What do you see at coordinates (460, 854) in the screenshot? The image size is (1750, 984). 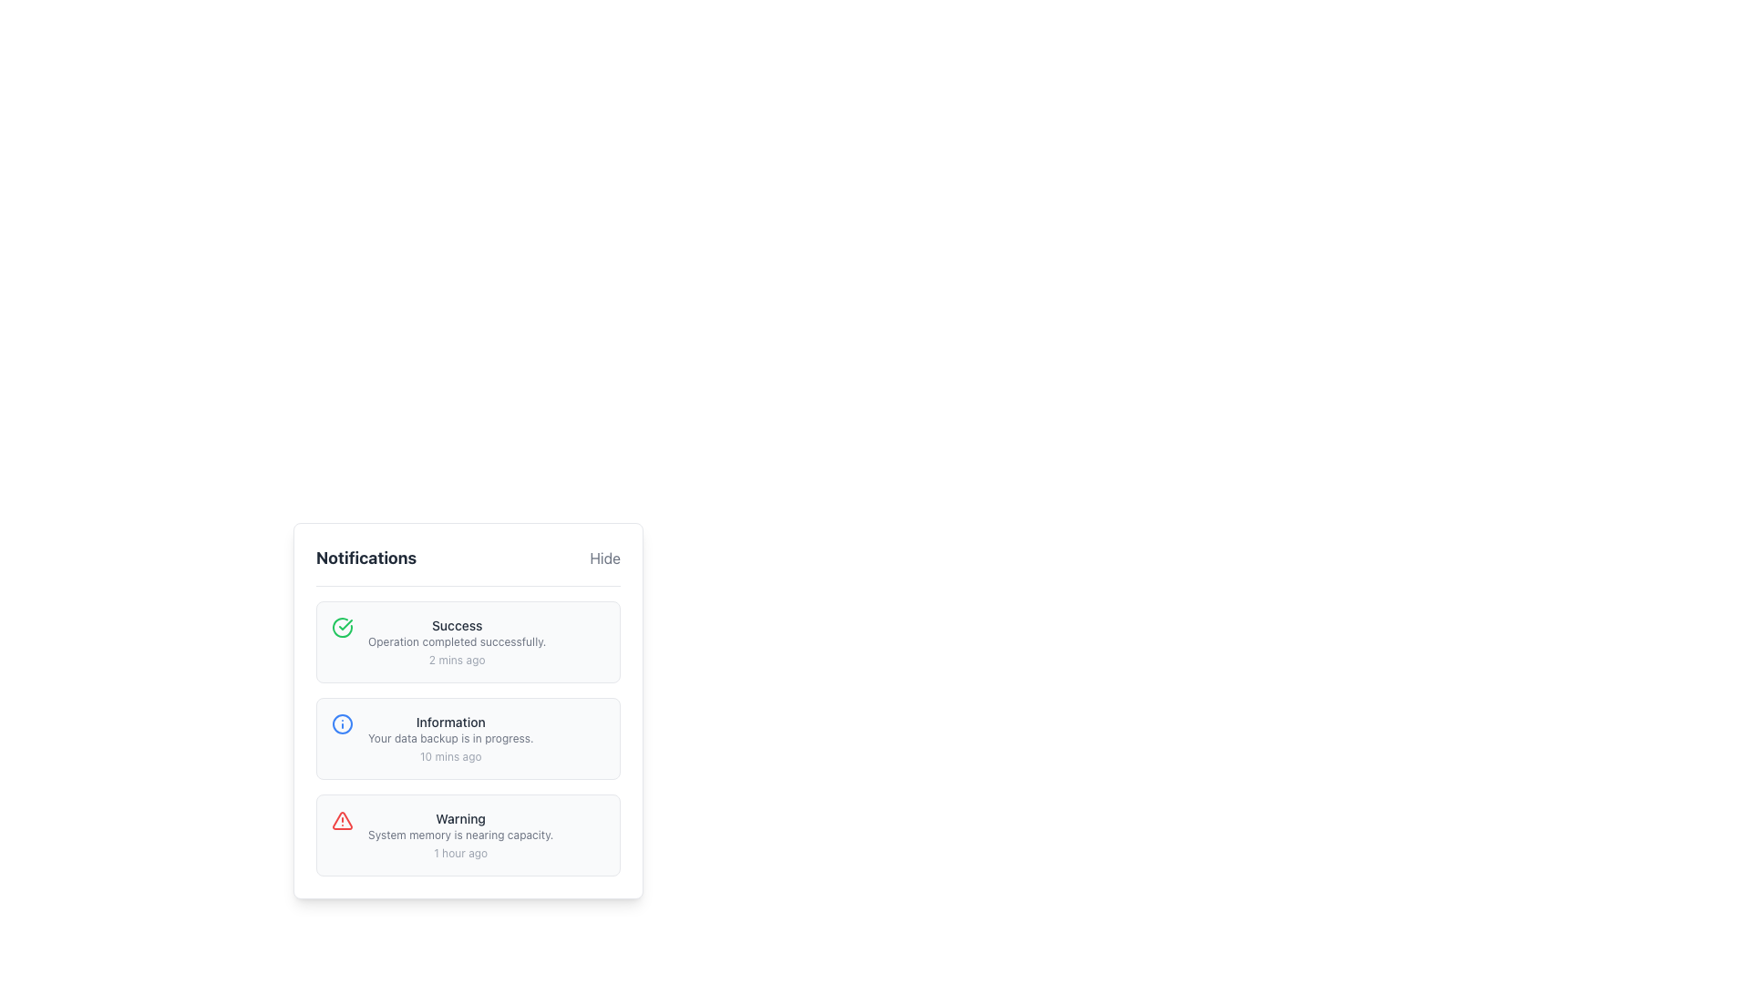 I see `the Label indicating the time elapsed since the notification was generated, located below the 'Warning' title and the message 'System memory is nearing capacity.' in the third notification block from the top` at bounding box center [460, 854].